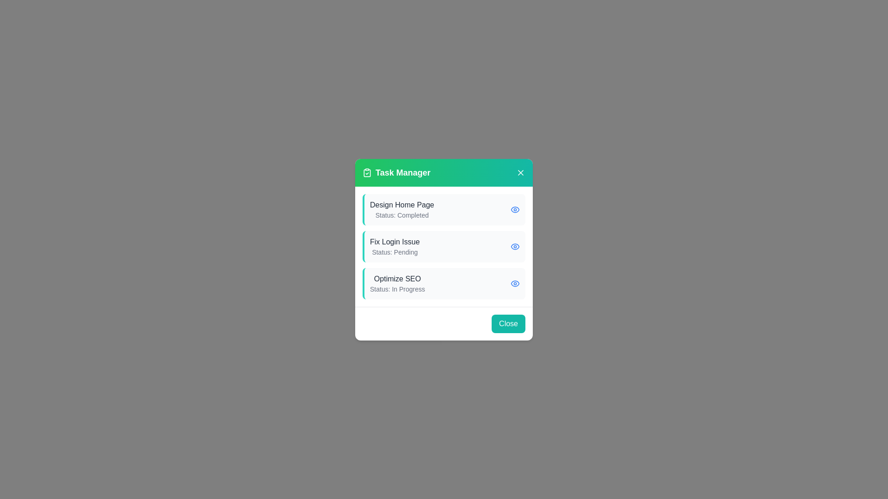  I want to click on the text label displaying 'Design Home Page' in bold font and dark gray color, located at the top-left corner of the first task card in the 'Task Manager' modal dialog, so click(402, 204).